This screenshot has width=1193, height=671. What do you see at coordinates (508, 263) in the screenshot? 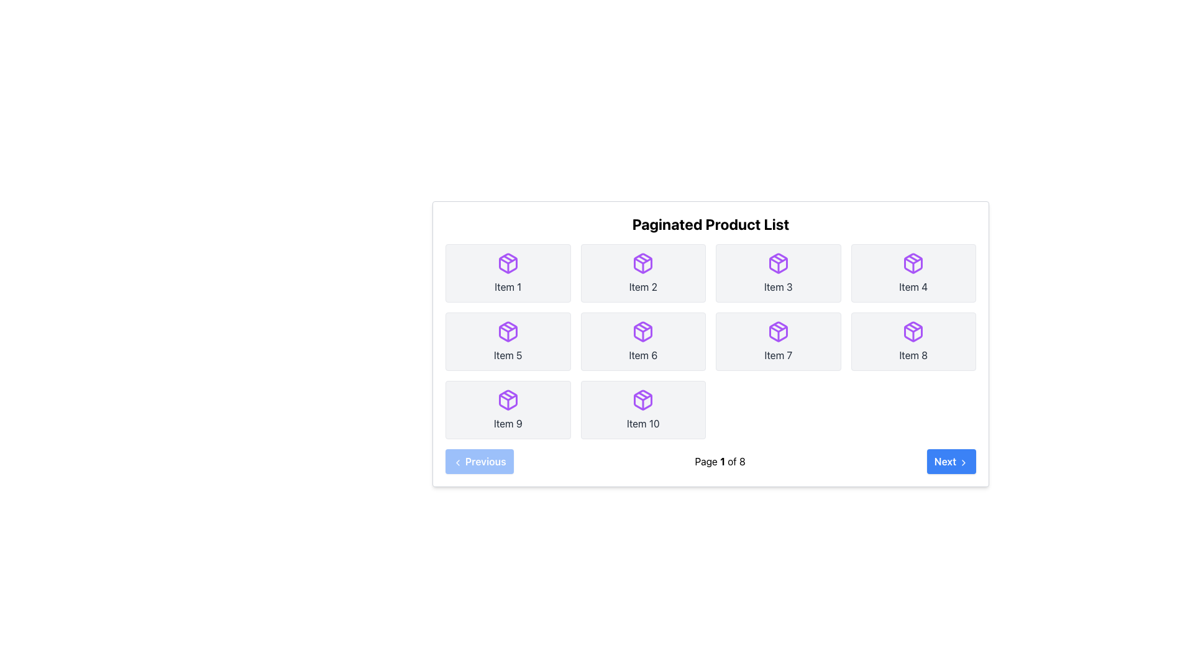
I see `the product icon that visually represents 'Item 1' in the top-left corner of the paginated product list` at bounding box center [508, 263].